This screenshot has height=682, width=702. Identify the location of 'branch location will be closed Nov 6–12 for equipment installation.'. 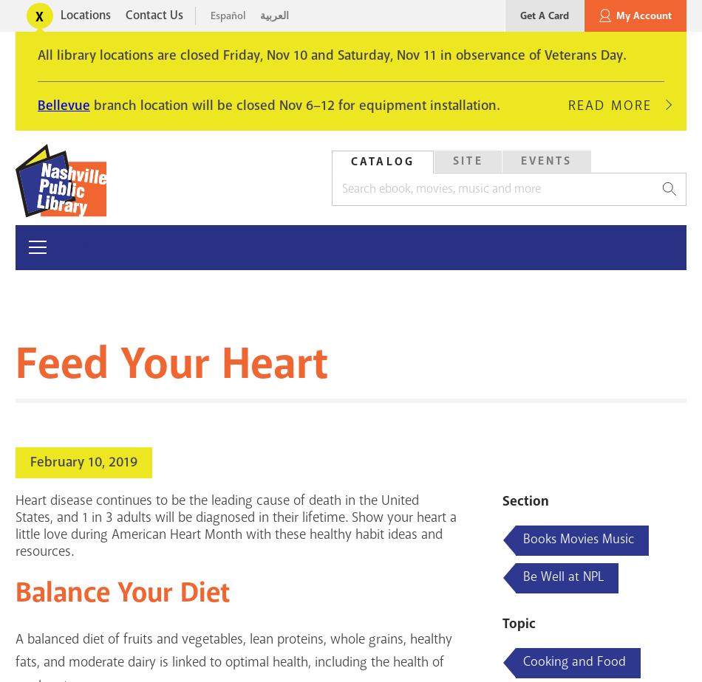
(294, 105).